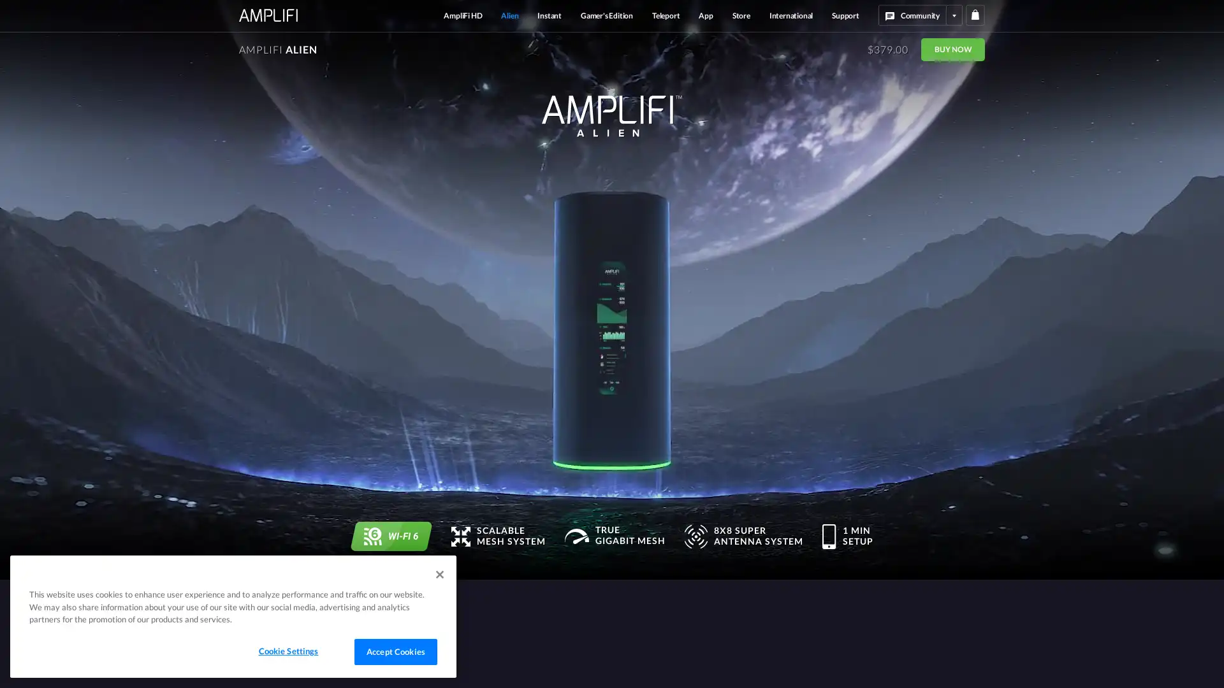 The height and width of the screenshot is (688, 1224). Describe the element at coordinates (395, 651) in the screenshot. I see `Accept Cookies` at that location.